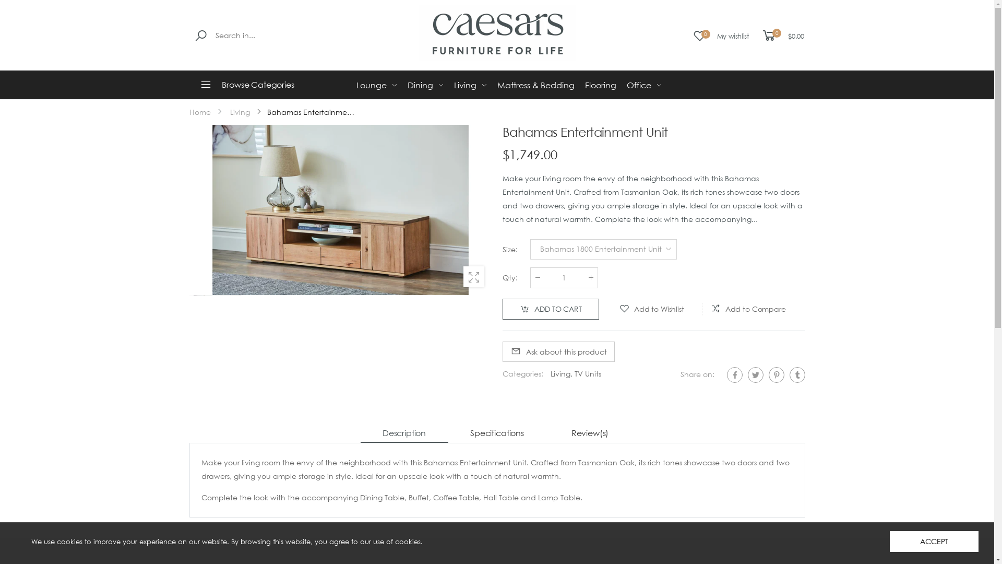 The image size is (1002, 564). What do you see at coordinates (889, 541) in the screenshot?
I see `'ACCEPT'` at bounding box center [889, 541].